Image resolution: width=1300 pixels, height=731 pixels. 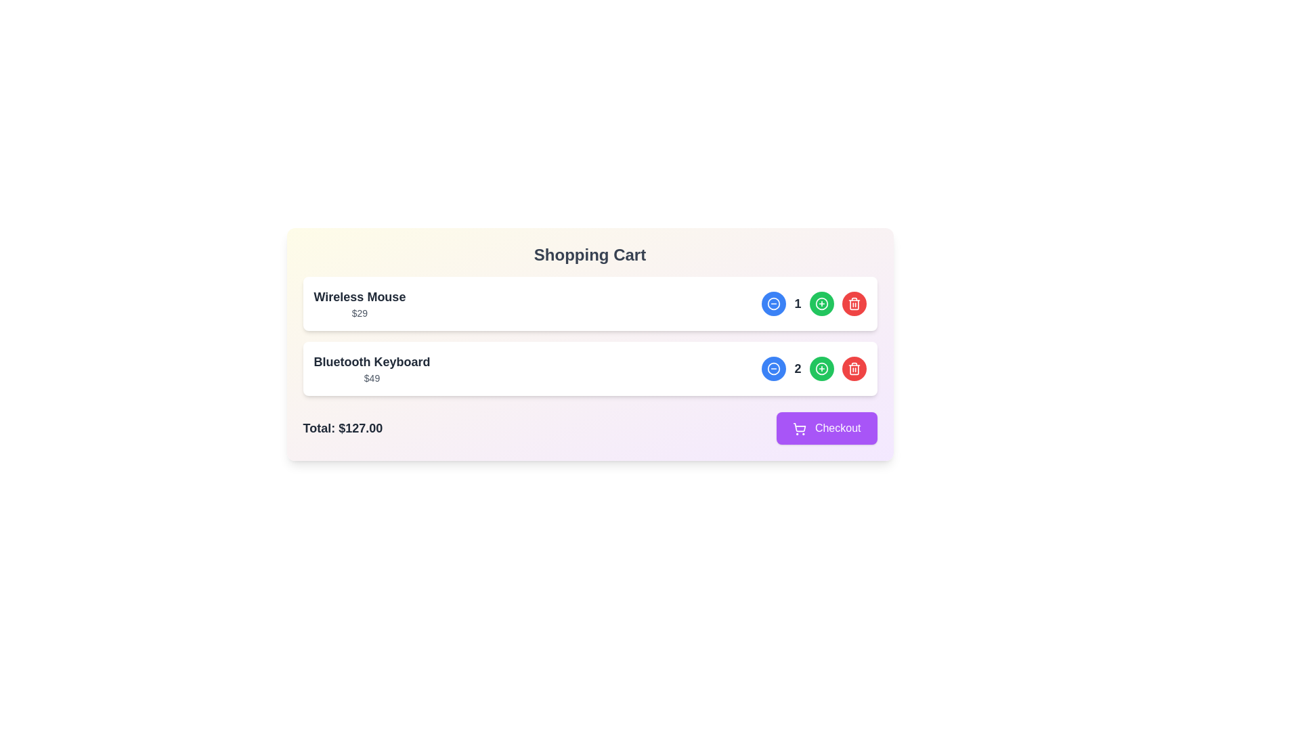 What do you see at coordinates (372, 378) in the screenshot?
I see `the informational text displaying the price of the 'Bluetooth Keyboard', which is positioned below the 'Bluetooth Keyboard' title in the shopping cart list` at bounding box center [372, 378].